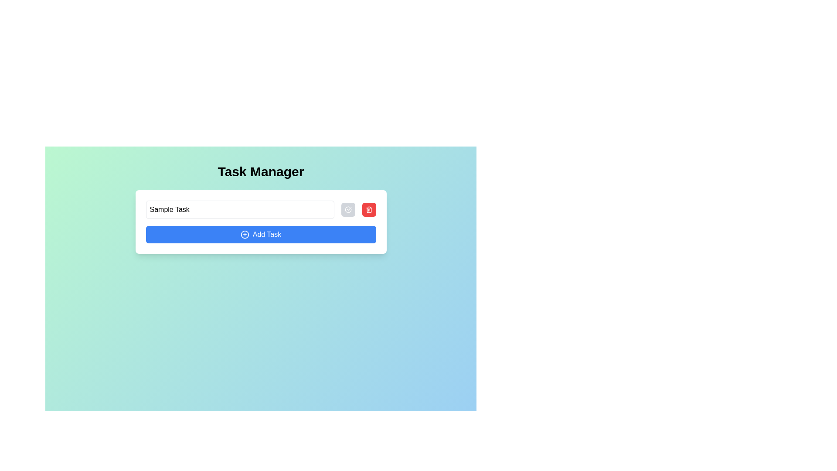 This screenshot has width=837, height=471. I want to click on the blue rectangular button labeled 'Add Task' with a plus sign icon to observe the hover effects, so click(260, 234).